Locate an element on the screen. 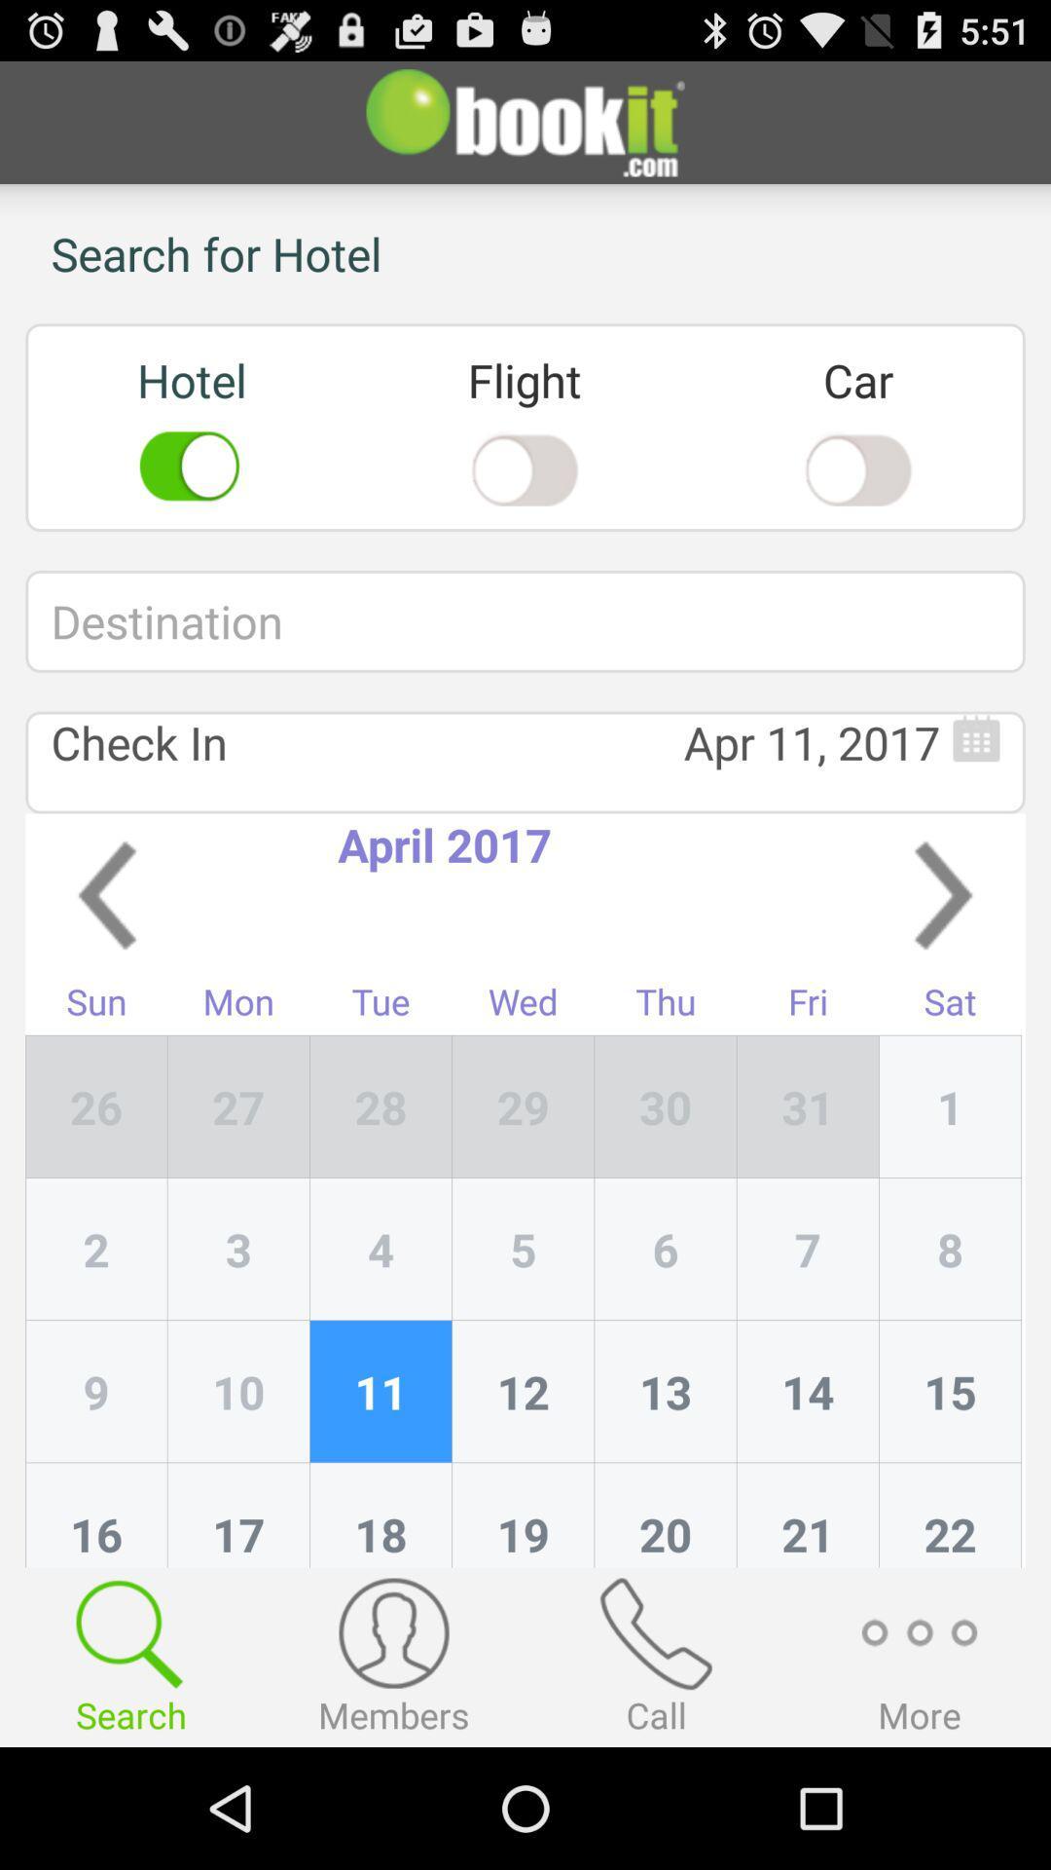  the item to the right of 10 item is located at coordinates (381, 1514).